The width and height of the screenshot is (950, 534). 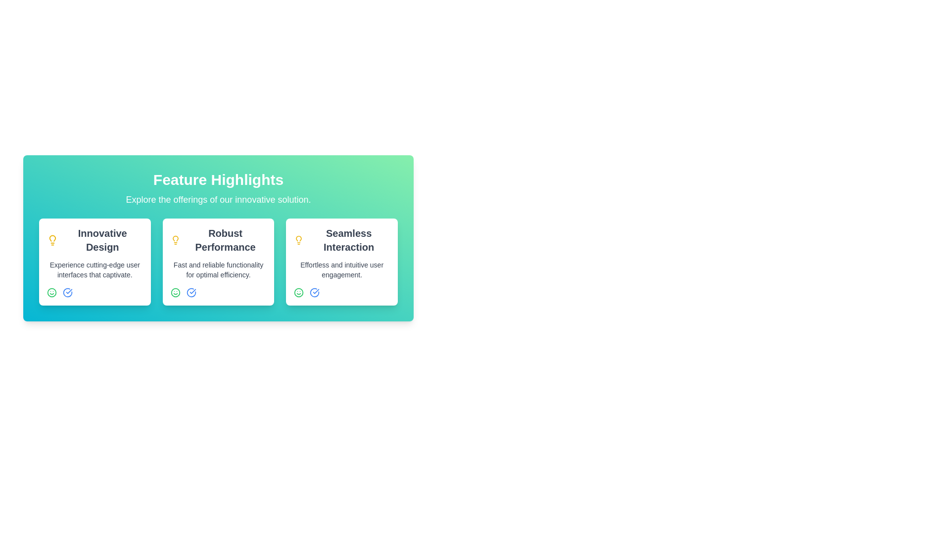 I want to click on displayed text 'Seamless Interaction' from the bold heading element located in the rightmost card of three horizontally aligned cards, so click(x=349, y=240).